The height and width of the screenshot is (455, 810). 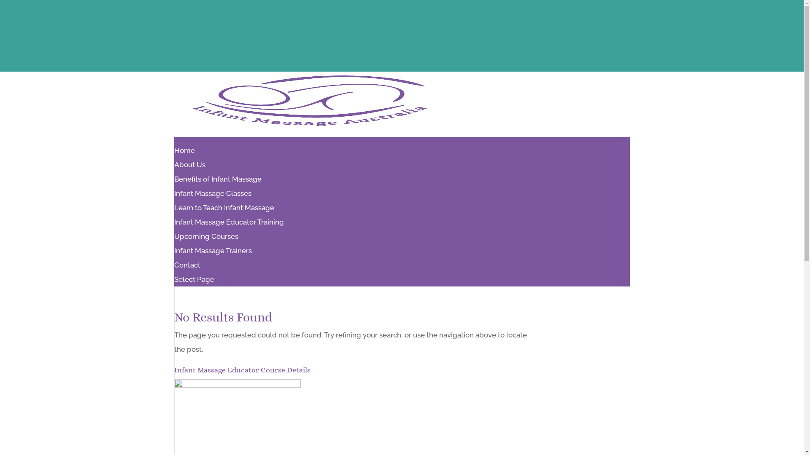 What do you see at coordinates (206, 236) in the screenshot?
I see `'Upcoming Courses'` at bounding box center [206, 236].